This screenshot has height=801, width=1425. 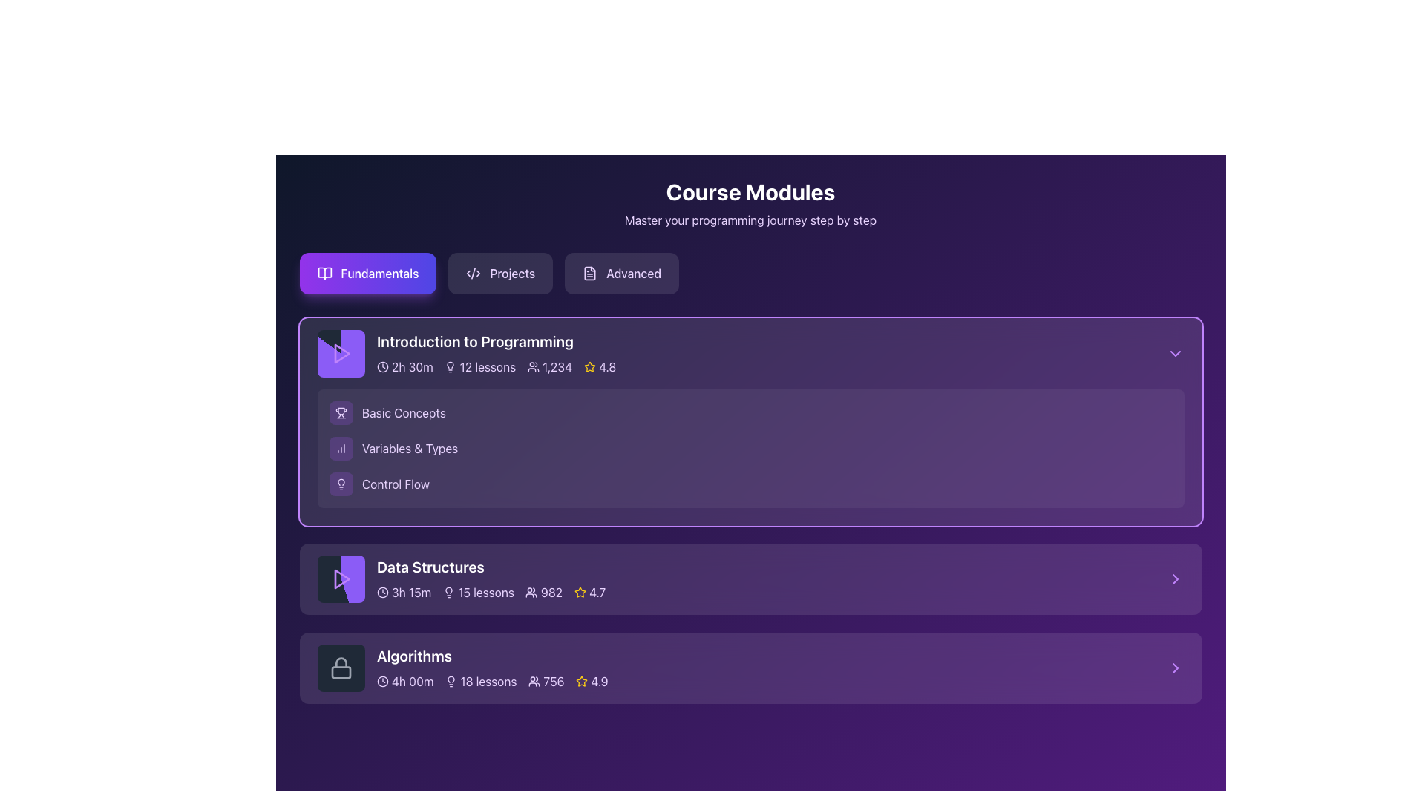 I want to click on the 'Projects' text label in the navigation bar, so click(x=512, y=274).